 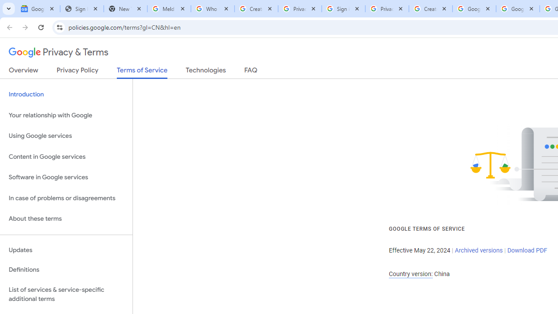 I want to click on 'Using Google services', so click(x=66, y=136).